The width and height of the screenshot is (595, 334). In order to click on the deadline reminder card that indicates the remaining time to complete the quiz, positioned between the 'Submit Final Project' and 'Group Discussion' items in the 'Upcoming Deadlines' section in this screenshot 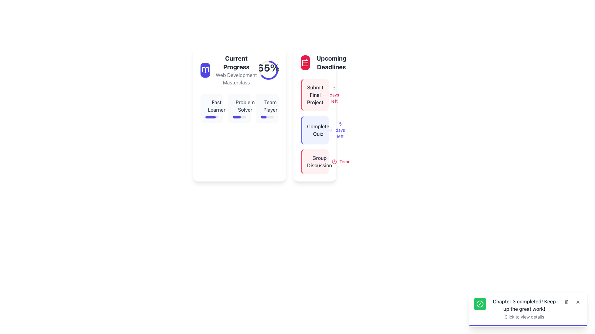, I will do `click(315, 130)`.